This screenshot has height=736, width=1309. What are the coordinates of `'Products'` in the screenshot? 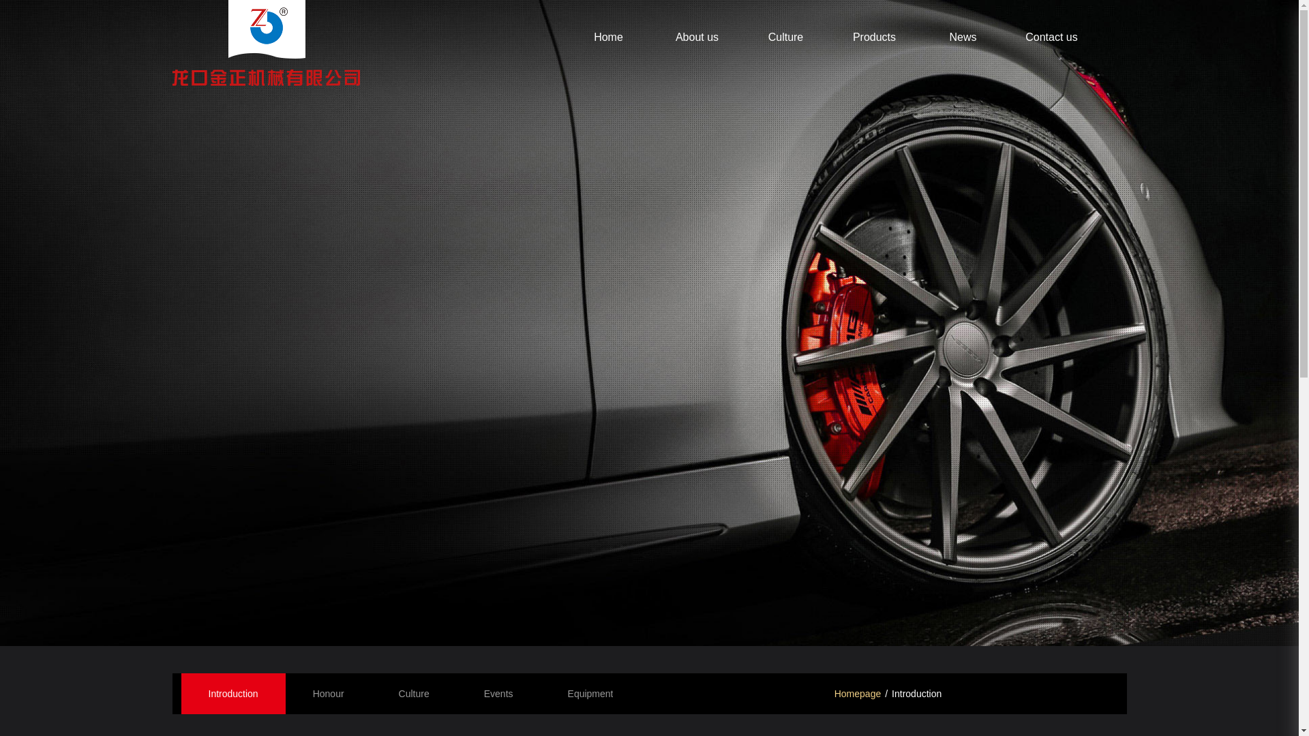 It's located at (873, 36).